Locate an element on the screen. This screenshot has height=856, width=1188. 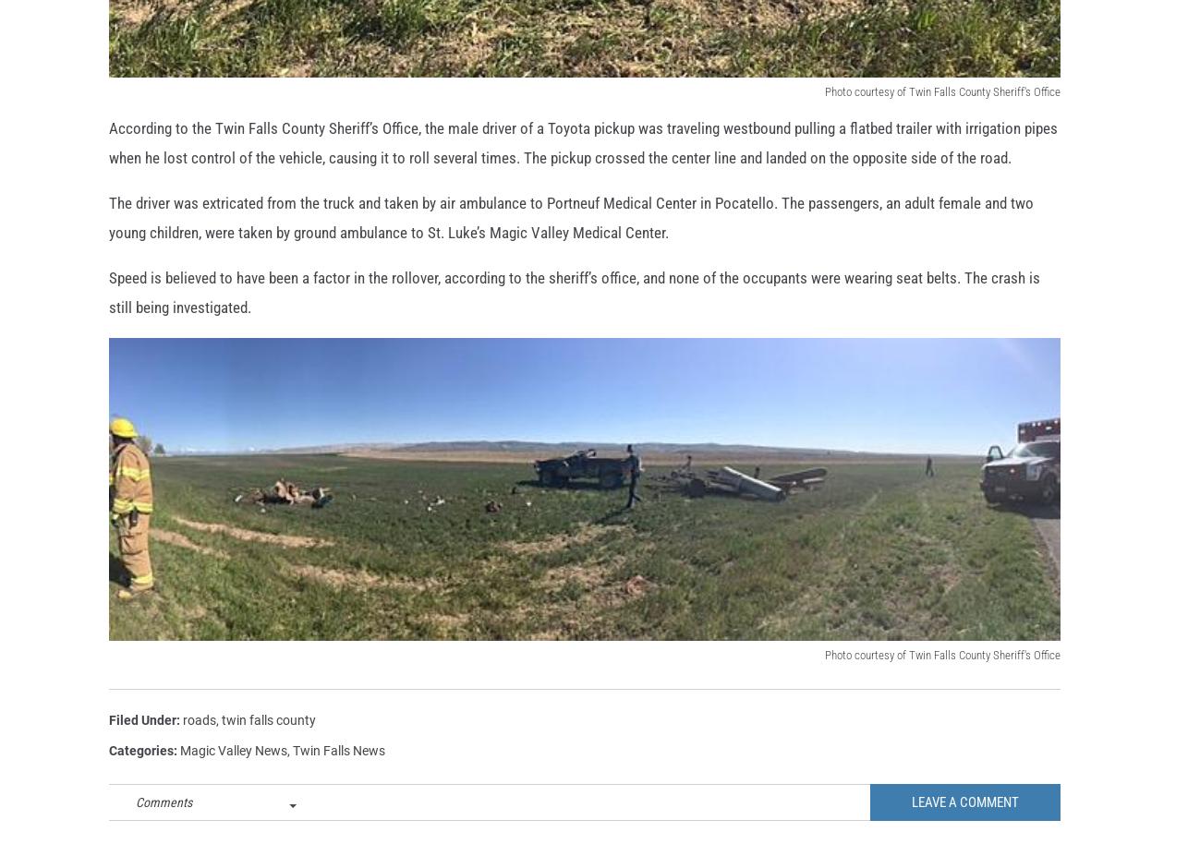
'According to the Twin Falls County Sheriff’s Office, the male driver of a Toyota pickup was traveling westbound pulling a flatbed trailer with irrigation pipes when he lost control of the vehicle, causing it to roll several times. The pickup crossed the center line and landed on the opposite side of the road.' is located at coordinates (582, 171).